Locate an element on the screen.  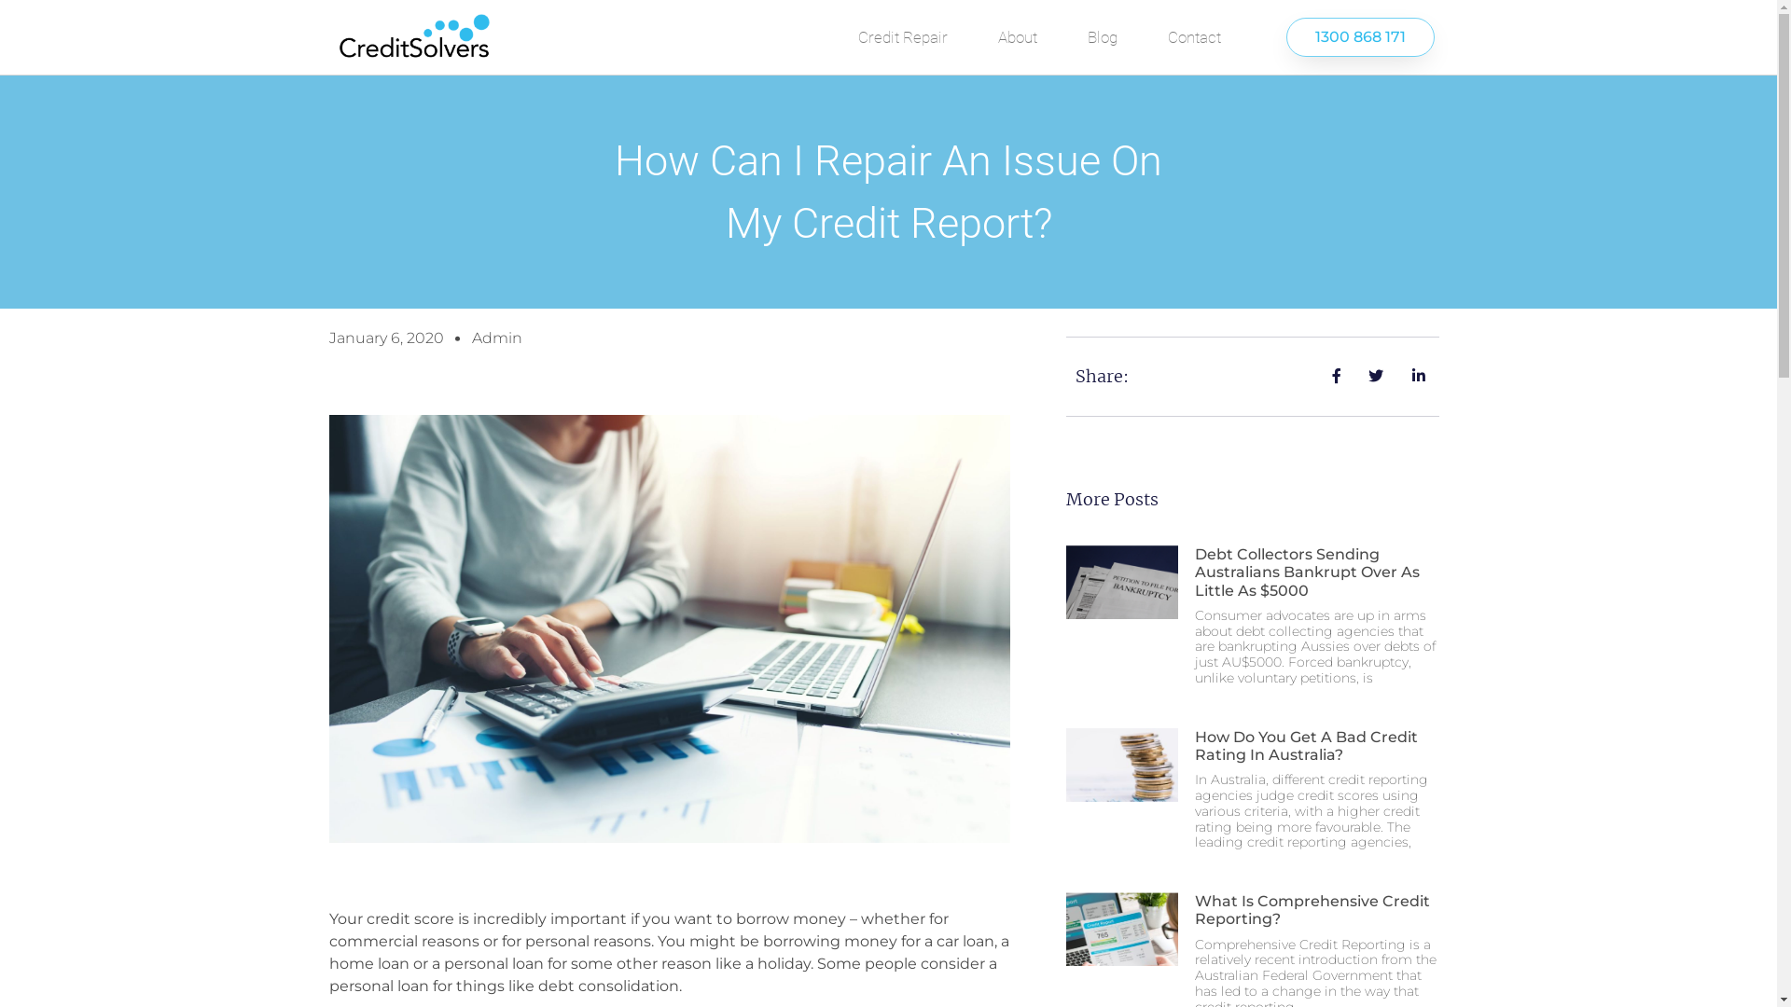
'How Do You Get A Bad Credit Rating In Australia?' is located at coordinates (1304, 744).